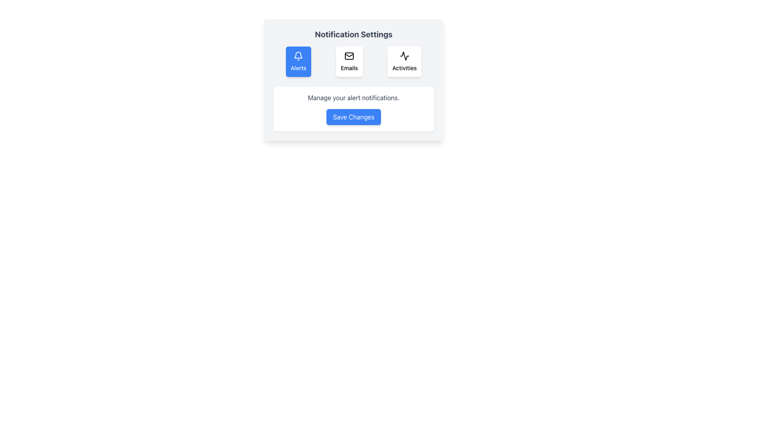 The width and height of the screenshot is (770, 433). Describe the element at coordinates (404, 61) in the screenshot. I see `the 'Activities' button with a heartbeat icon located in the 'Notification Settings' panel, which is the third button in a horizontal group of three buttons` at that location.